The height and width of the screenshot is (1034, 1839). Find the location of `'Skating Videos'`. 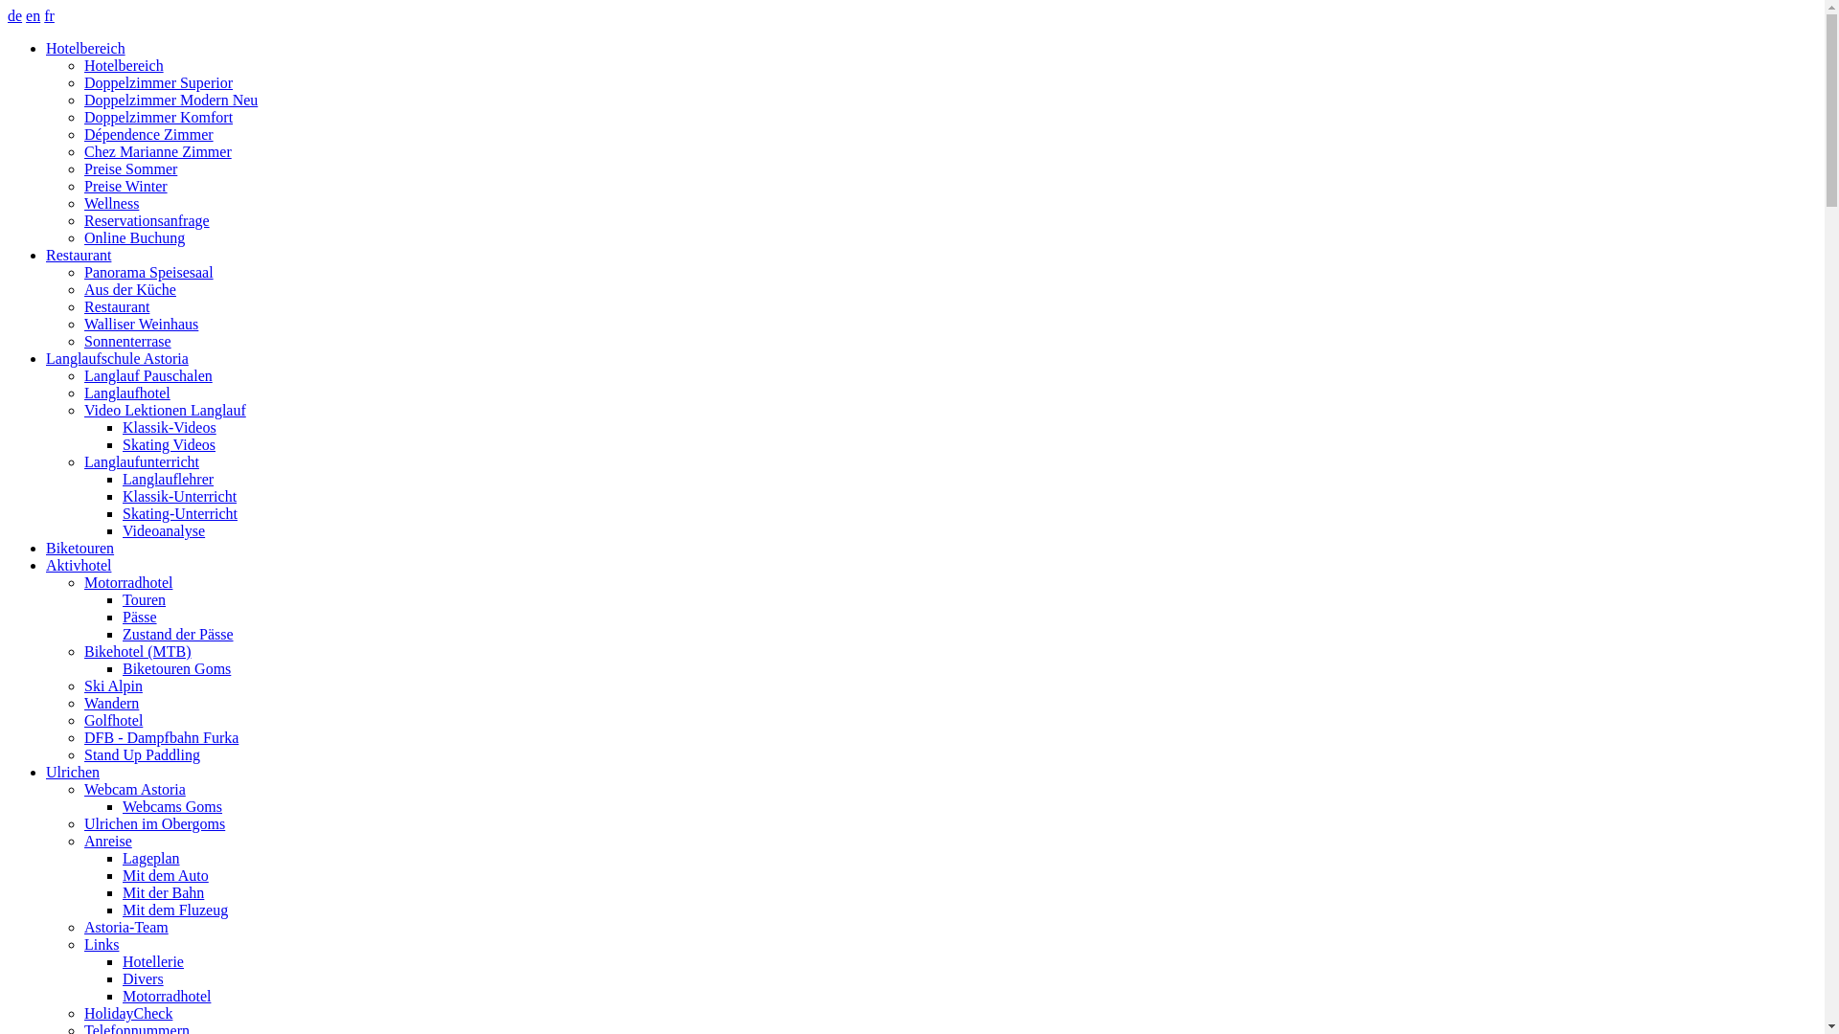

'Skating Videos' is located at coordinates (169, 444).